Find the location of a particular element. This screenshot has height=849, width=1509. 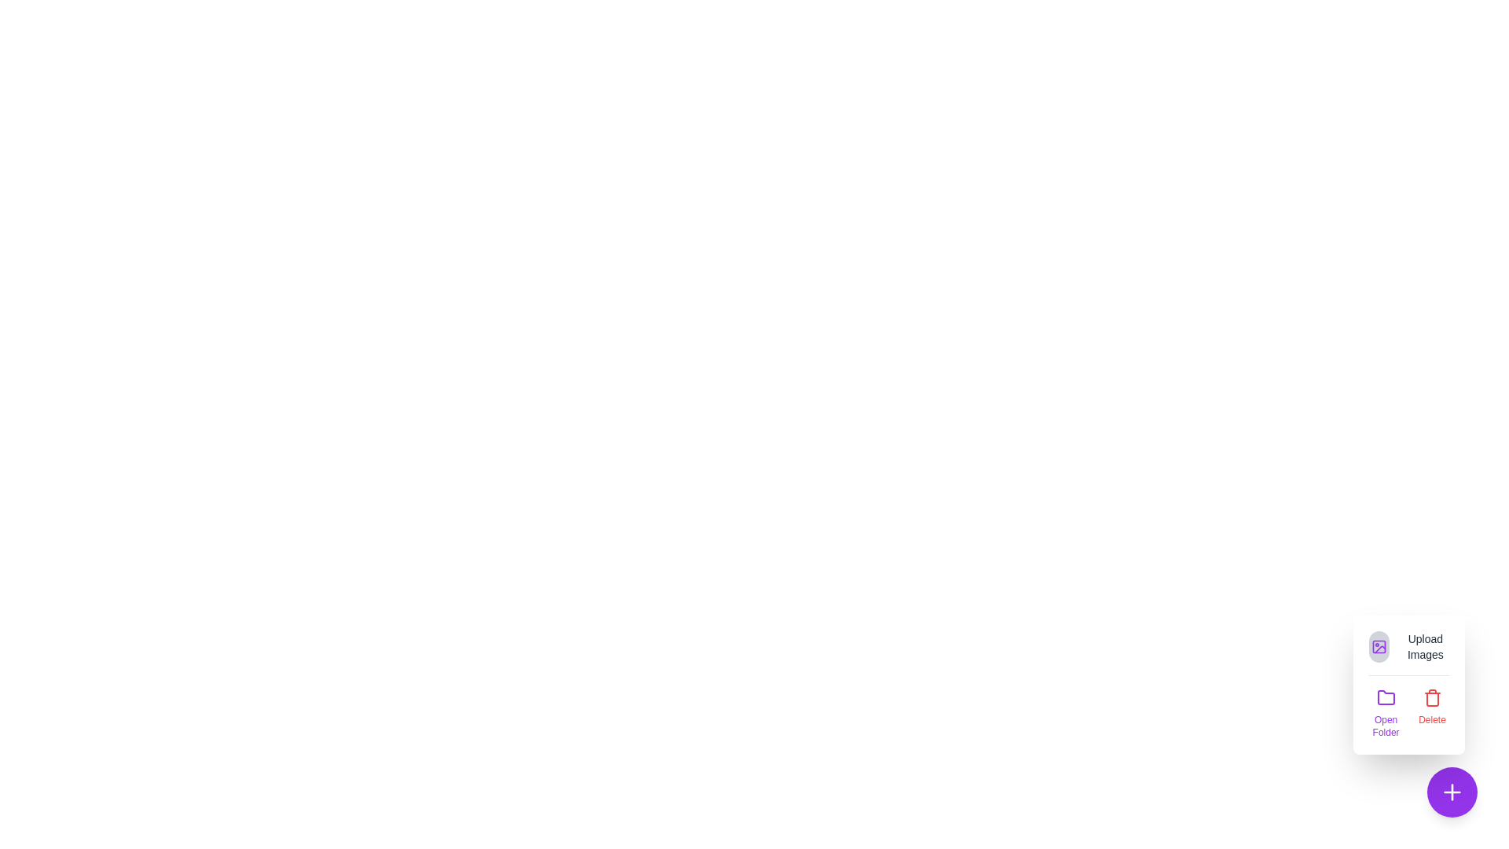

the circular purple button with a white plus sign (+) icon located at the bottom-right corner of the interface is located at coordinates (1452, 792).